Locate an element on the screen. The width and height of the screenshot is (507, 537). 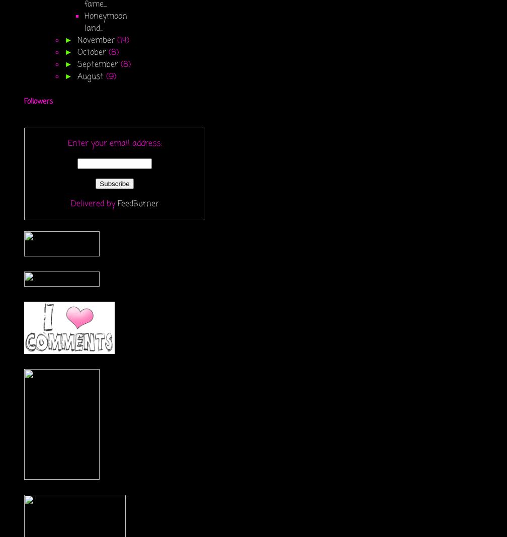
'August' is located at coordinates (91, 76).